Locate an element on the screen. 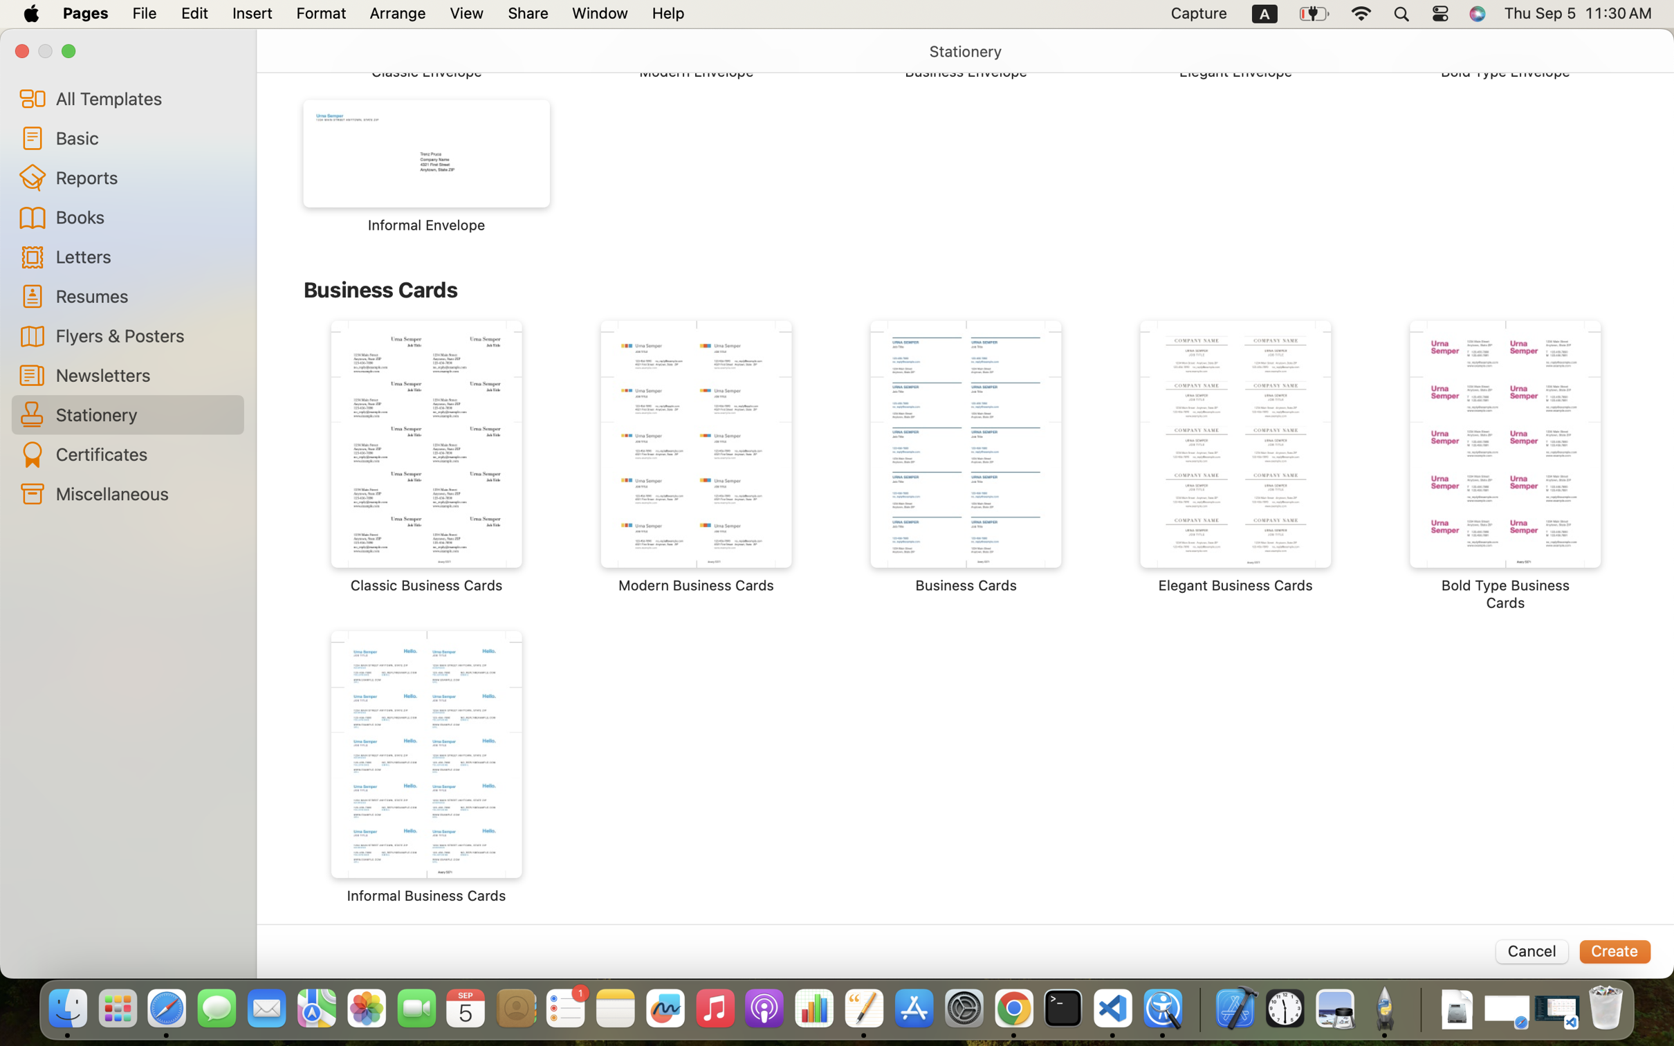  'Basic' is located at coordinates (144, 138).